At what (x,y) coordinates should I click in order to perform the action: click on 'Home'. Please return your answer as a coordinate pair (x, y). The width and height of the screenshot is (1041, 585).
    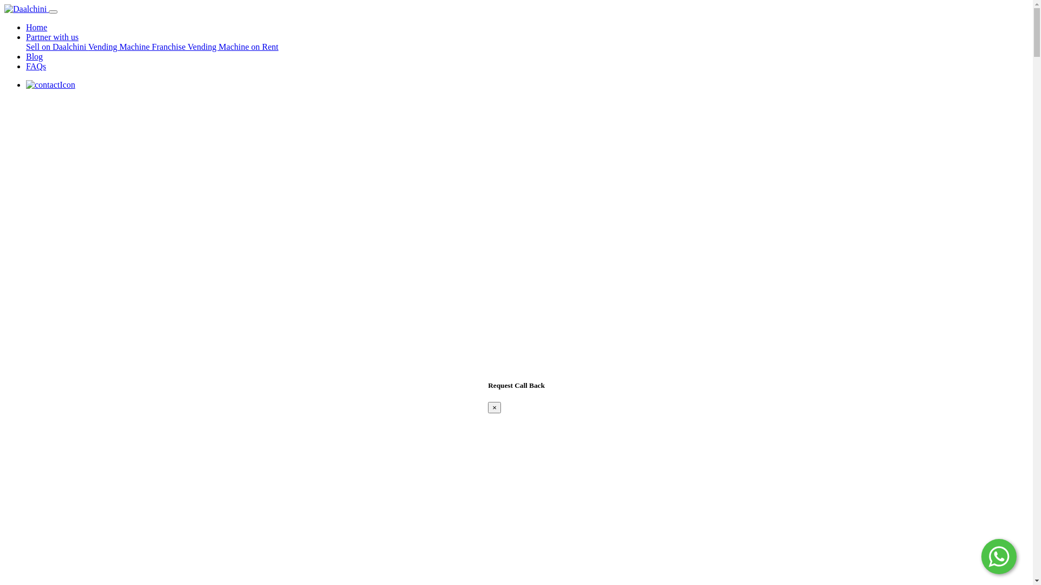
    Looking at the image, I should click on (36, 27).